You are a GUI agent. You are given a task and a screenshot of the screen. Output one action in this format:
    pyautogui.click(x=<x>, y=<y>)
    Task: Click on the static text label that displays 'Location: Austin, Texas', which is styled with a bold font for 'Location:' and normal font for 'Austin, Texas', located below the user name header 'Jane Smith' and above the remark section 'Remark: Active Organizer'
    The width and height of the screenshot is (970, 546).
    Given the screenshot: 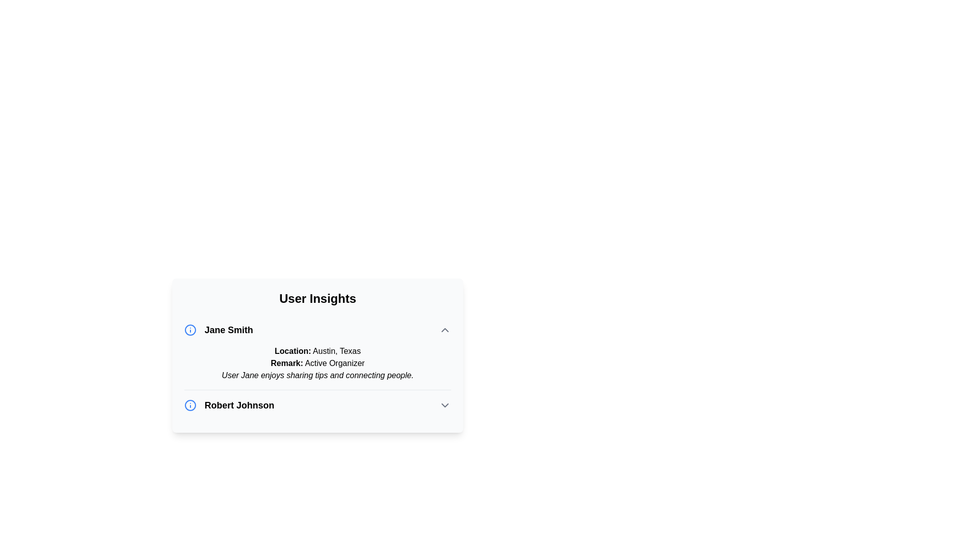 What is the action you would take?
    pyautogui.click(x=317, y=350)
    